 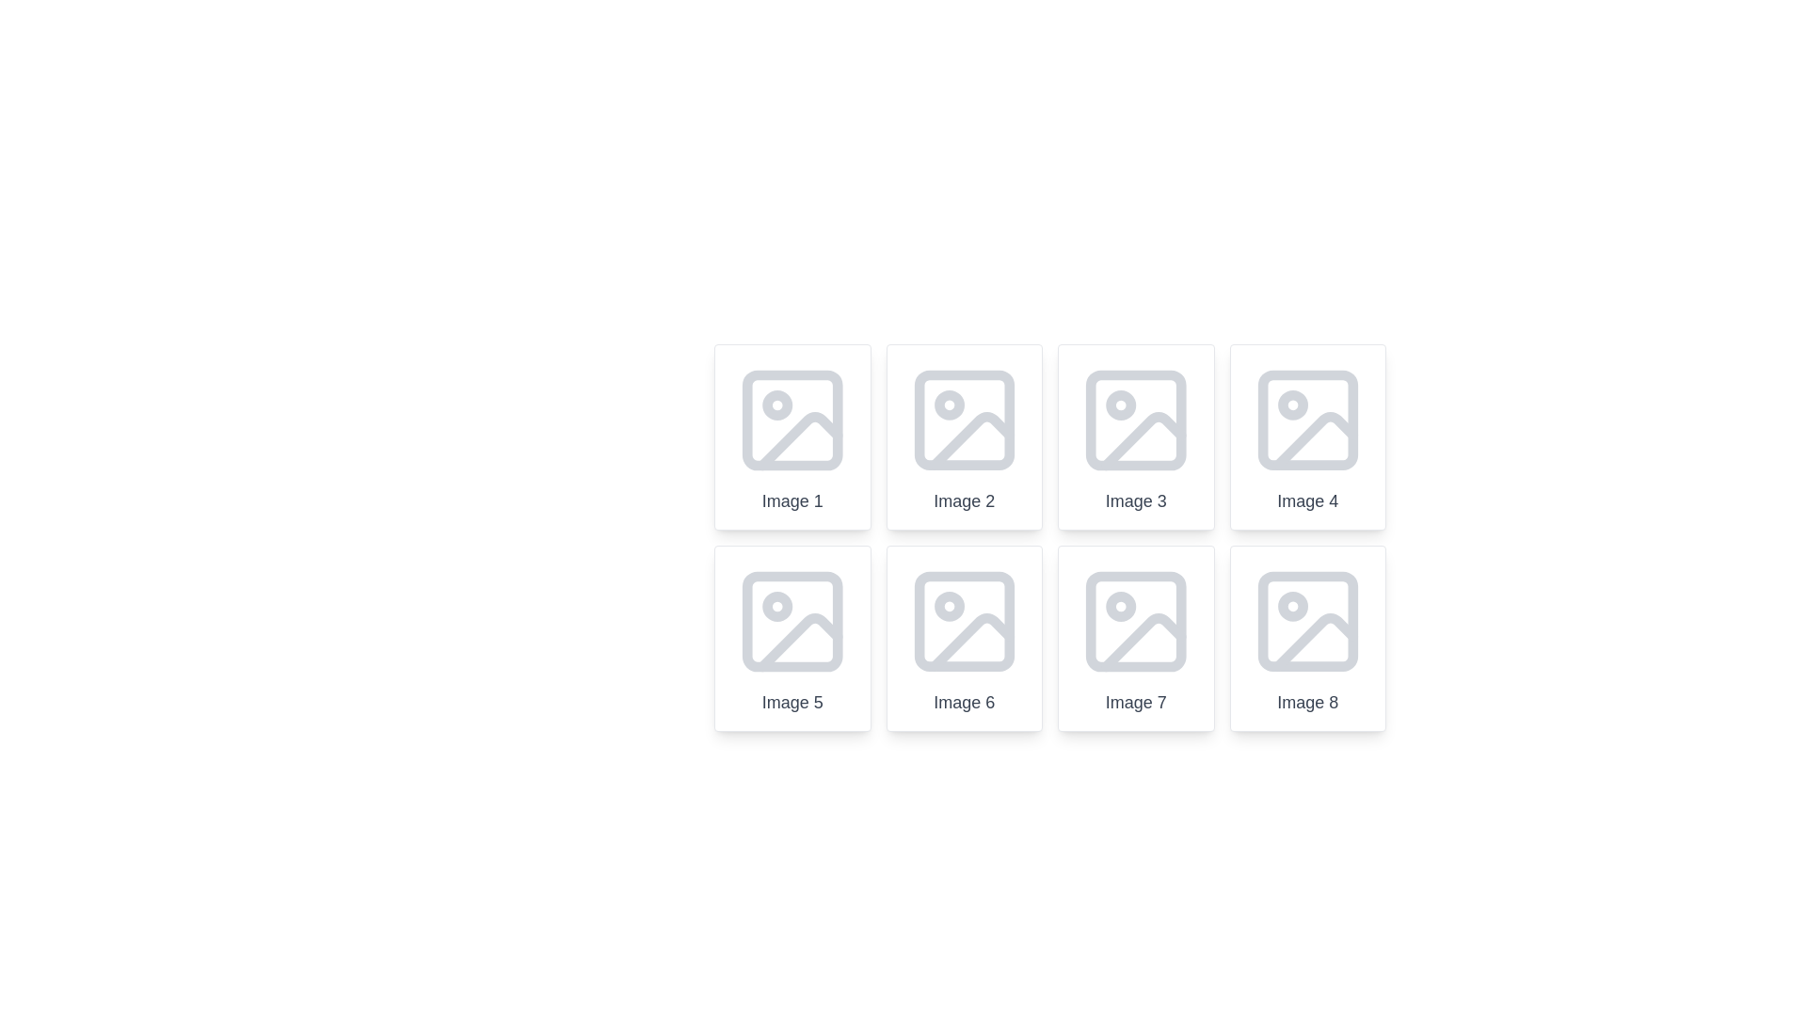 What do you see at coordinates (964, 500) in the screenshot?
I see `the text label located below the image placeholder, which serves as a descriptor for the visual element` at bounding box center [964, 500].